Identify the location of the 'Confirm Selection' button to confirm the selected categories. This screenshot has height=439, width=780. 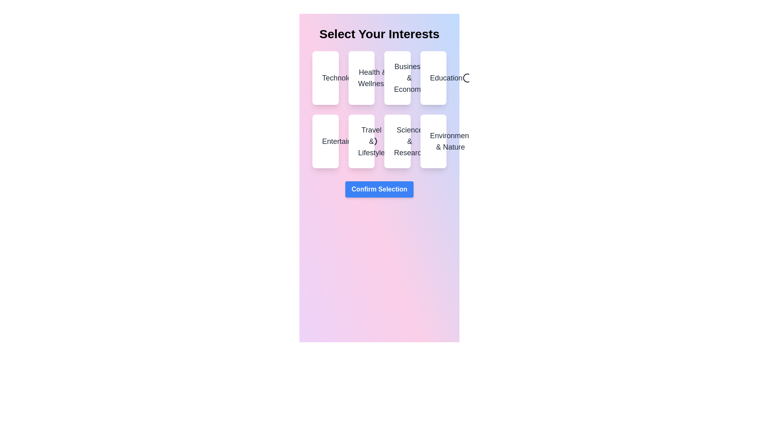
(379, 189).